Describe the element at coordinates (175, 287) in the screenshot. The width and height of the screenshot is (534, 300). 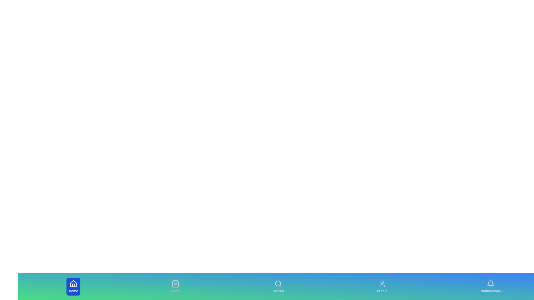
I see `the Shop tab to select it` at that location.